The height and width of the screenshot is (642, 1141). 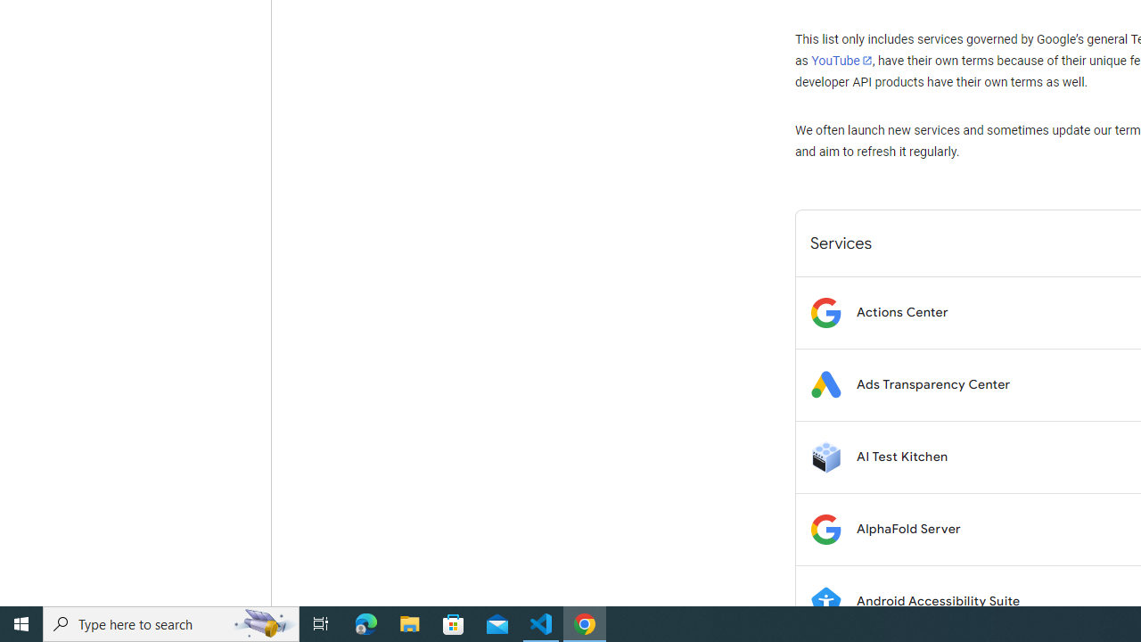 What do you see at coordinates (841, 60) in the screenshot?
I see `'YouTube'` at bounding box center [841, 60].